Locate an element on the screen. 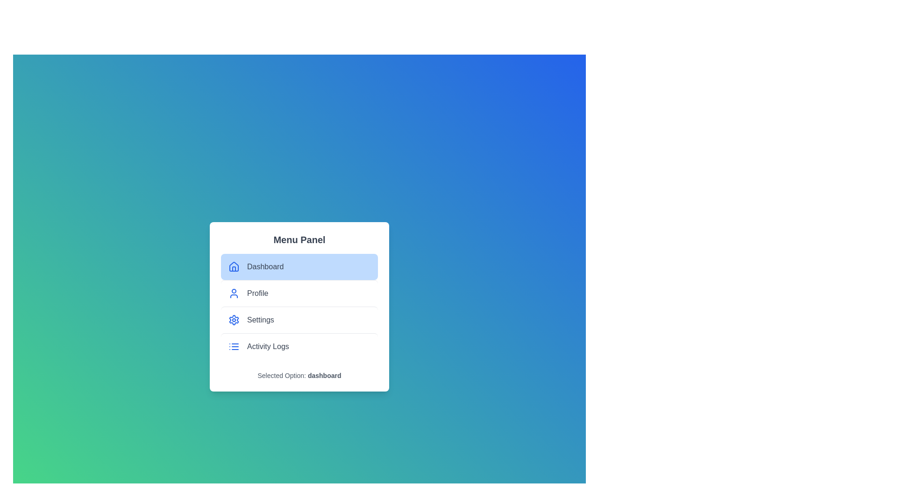  the menu item Activity Logs is located at coordinates (299, 346).